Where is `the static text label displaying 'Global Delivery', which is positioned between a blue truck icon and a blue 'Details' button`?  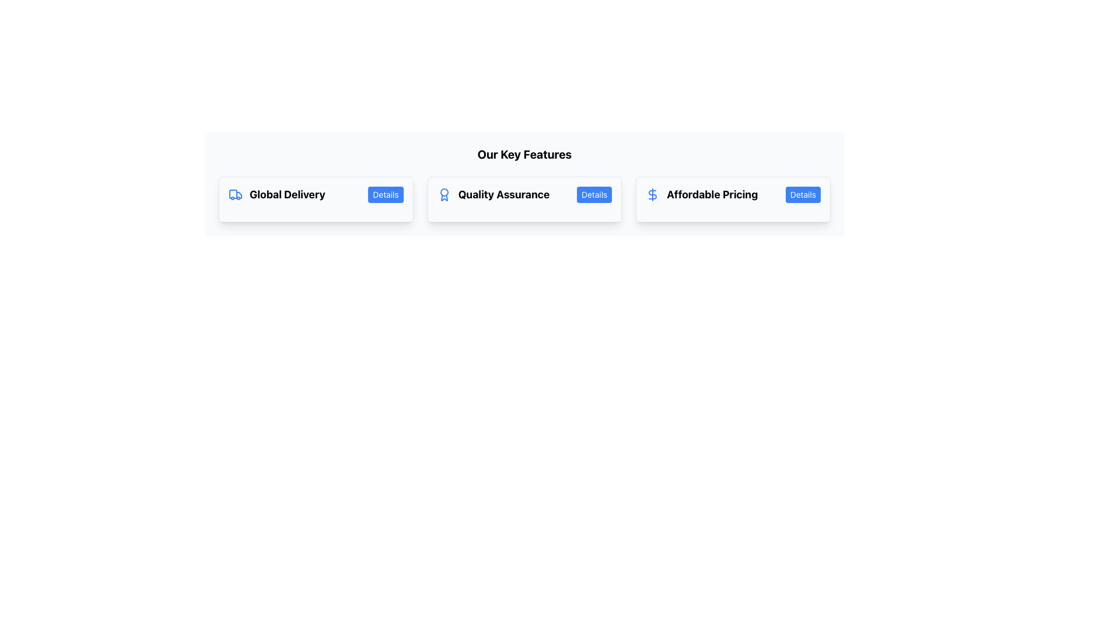
the static text label displaying 'Global Delivery', which is positioned between a blue truck icon and a blue 'Details' button is located at coordinates (287, 194).